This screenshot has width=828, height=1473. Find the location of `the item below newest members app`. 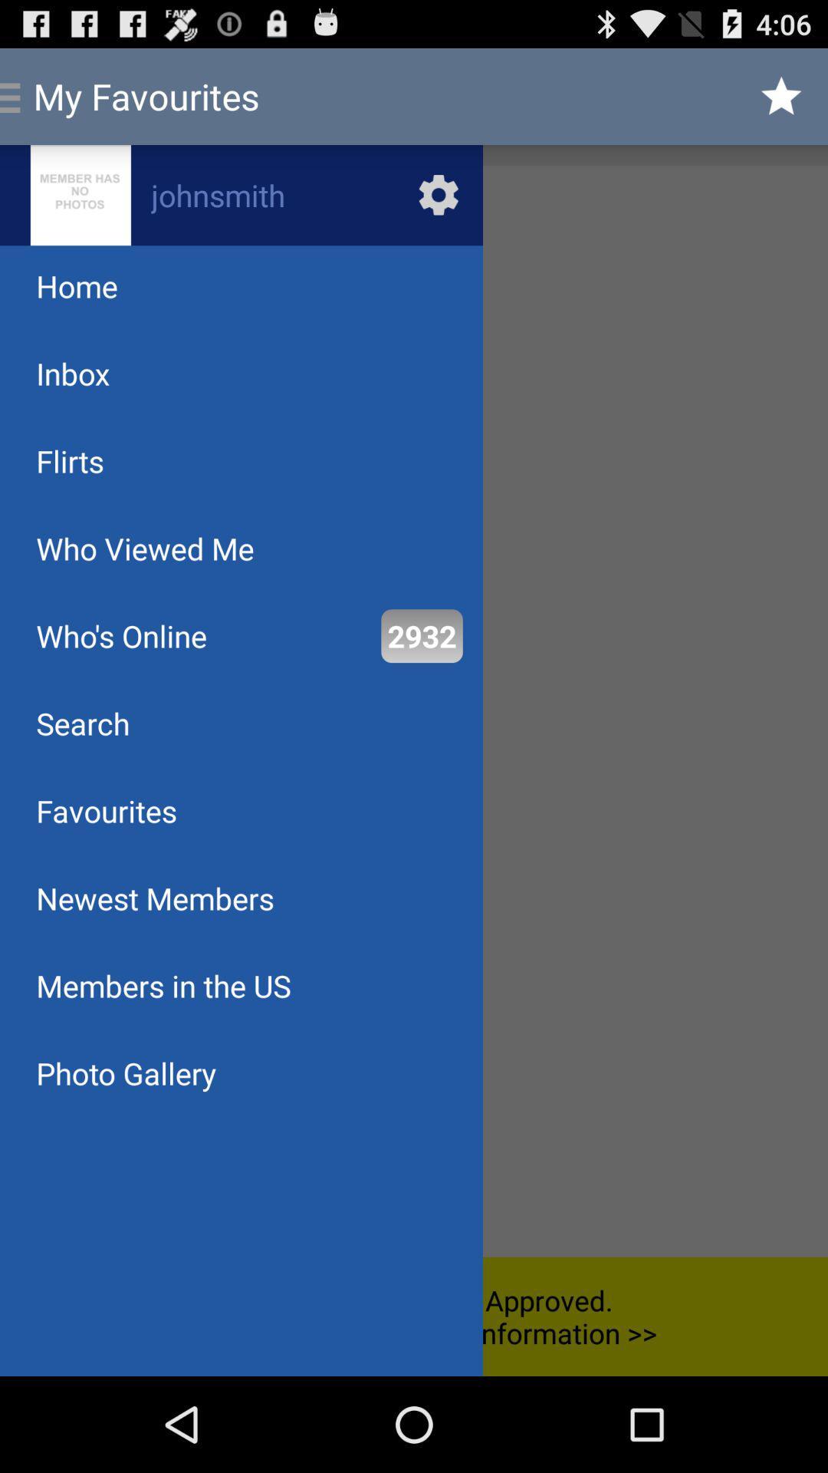

the item below newest members app is located at coordinates (163, 986).